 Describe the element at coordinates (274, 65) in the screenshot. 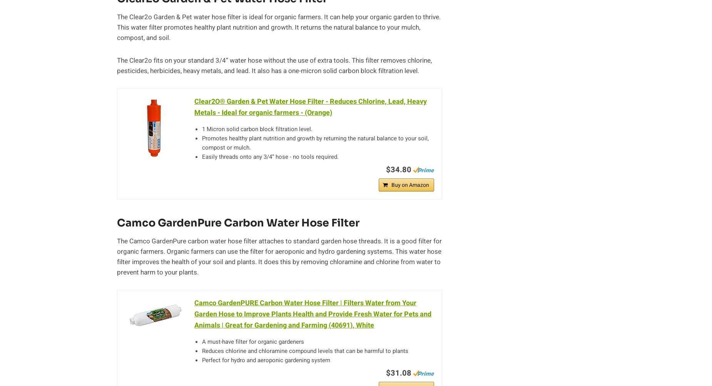

I see `'The Clear2o fits on your standard 3/4” water hose without the use of extra tools. This filter removes chlorine, pesticides, herbicides, heavy metals, and lead. It also has a one-micron solid carbon block filtration level.'` at that location.